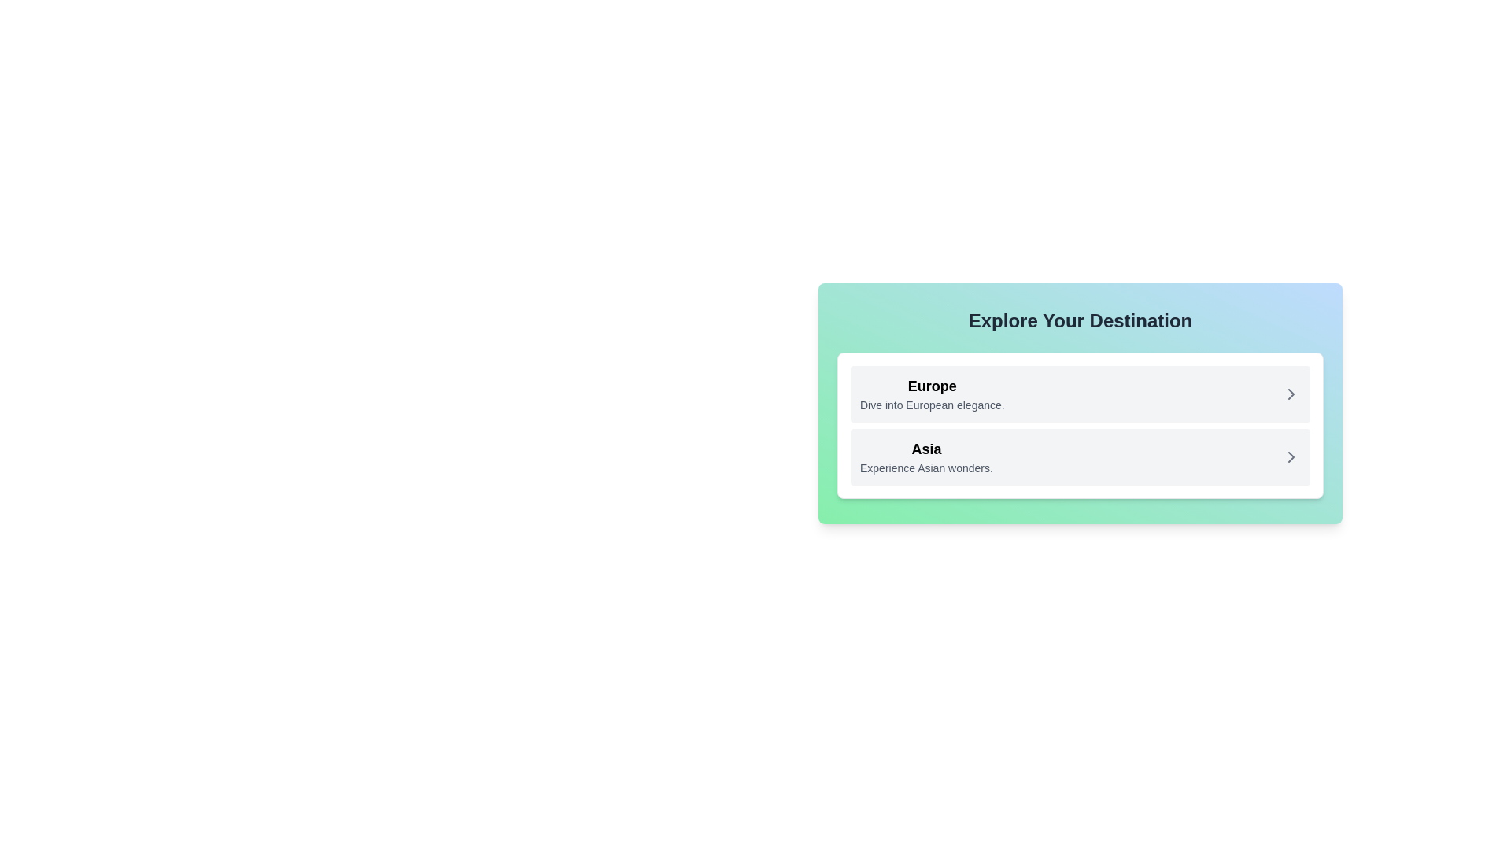  What do you see at coordinates (932, 394) in the screenshot?
I see `text content 'Europe' and 'Dive into European elegance.' displayed prominently in the first card under the 'Explore Your Destination' header` at bounding box center [932, 394].